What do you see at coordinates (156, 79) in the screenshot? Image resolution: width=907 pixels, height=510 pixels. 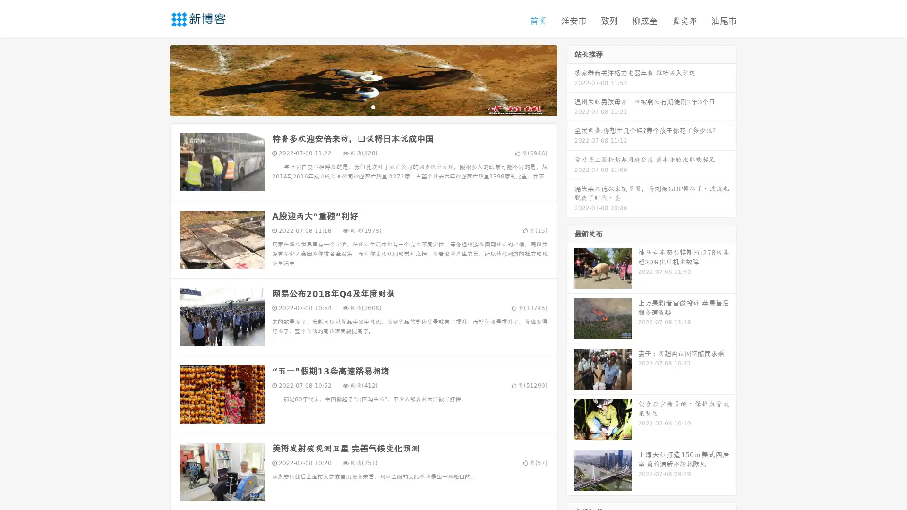 I see `Previous slide` at bounding box center [156, 79].